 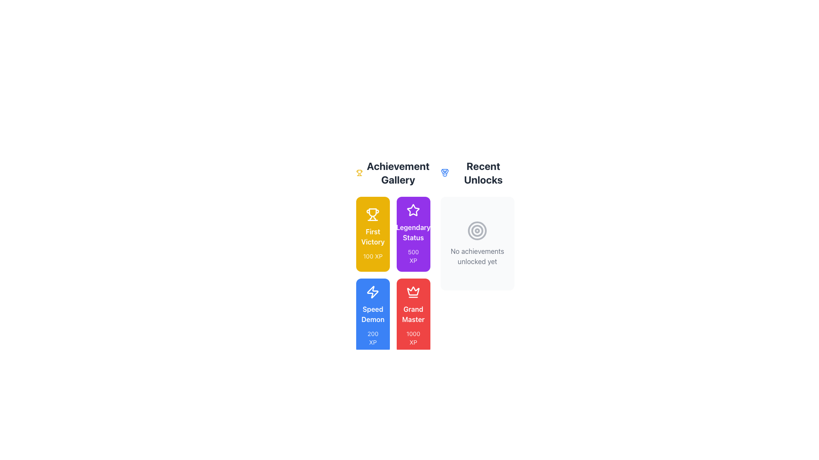 What do you see at coordinates (444, 172) in the screenshot?
I see `blue medal icon located to the left of the 'Recent Unlocks' text for its properties` at bounding box center [444, 172].